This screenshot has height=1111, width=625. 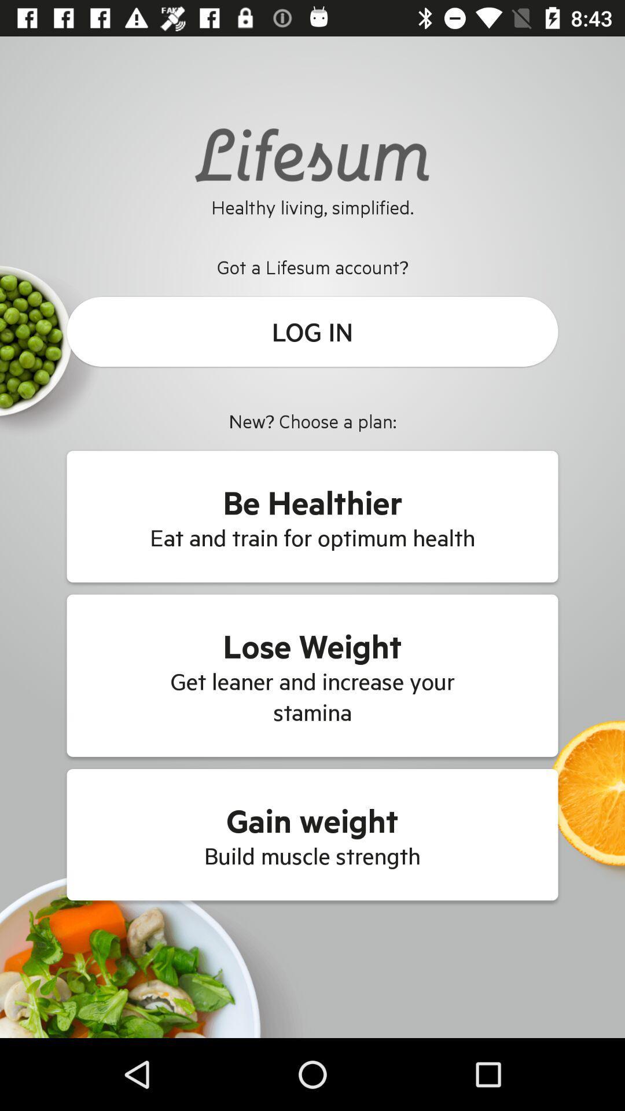 I want to click on icon above new choose a icon, so click(x=312, y=331).